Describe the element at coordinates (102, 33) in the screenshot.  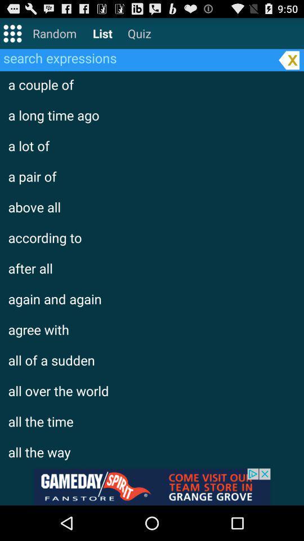
I see `list on the top of the page` at that location.